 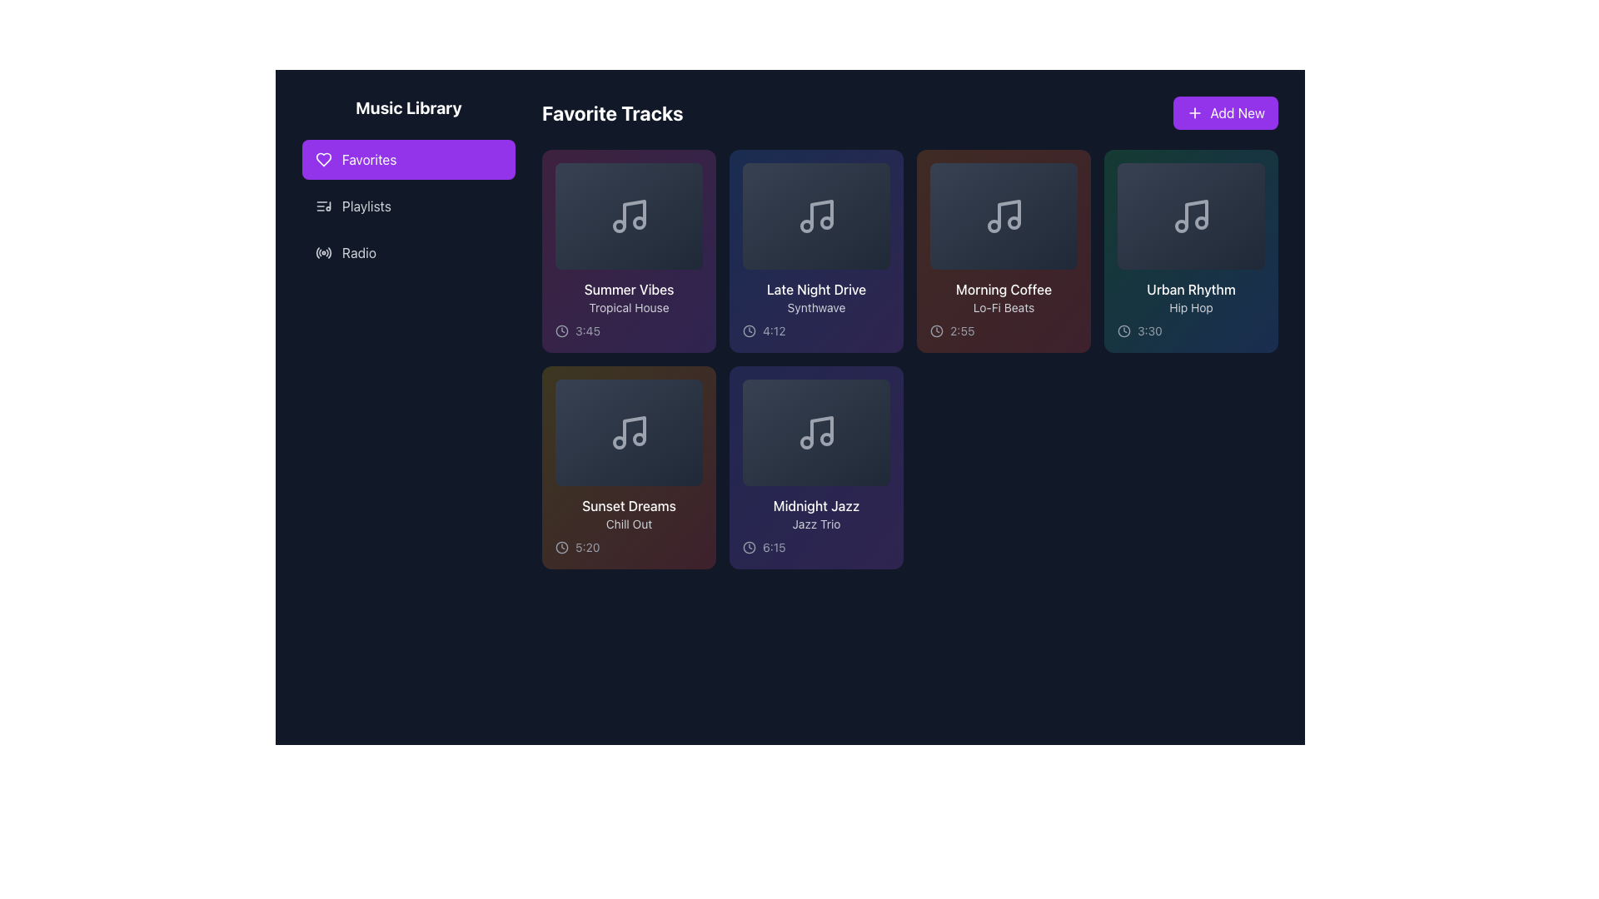 I want to click on the gray musical notes icon indicating an inactive status, located at the top center of the 'Summer Vibes' music track card in the 'Favorite Tracks' section, so click(x=628, y=215).